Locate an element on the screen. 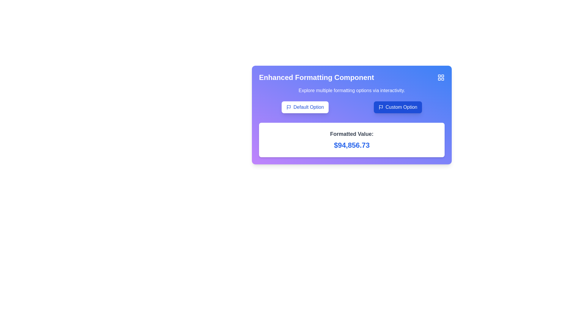  the static text label displaying the formatted monetary value, which is centrally placed within a white background panel on a rounded purple-toned card labeled 'Enhanced Formatting Component' is located at coordinates (352, 140).